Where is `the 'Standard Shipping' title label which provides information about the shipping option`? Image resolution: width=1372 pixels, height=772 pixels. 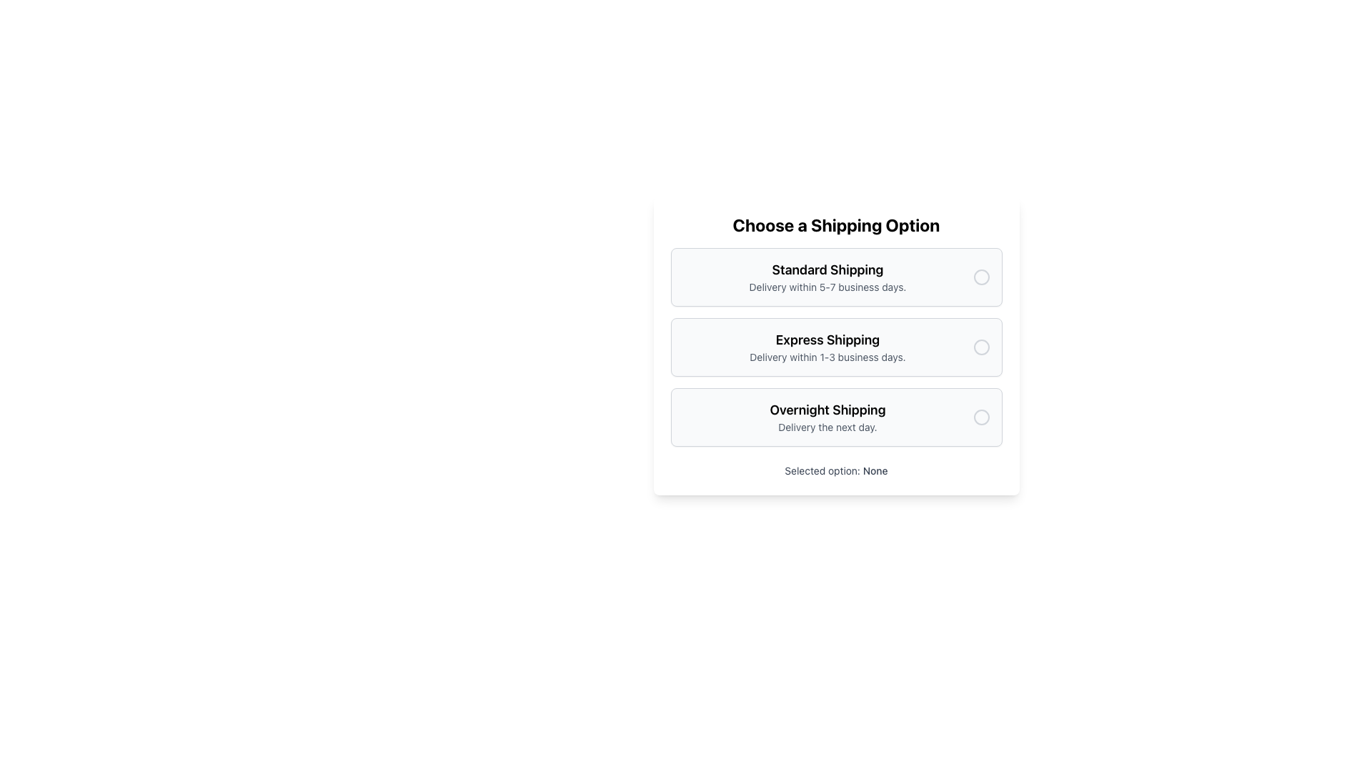
the 'Standard Shipping' title label which provides information about the shipping option is located at coordinates (827, 270).